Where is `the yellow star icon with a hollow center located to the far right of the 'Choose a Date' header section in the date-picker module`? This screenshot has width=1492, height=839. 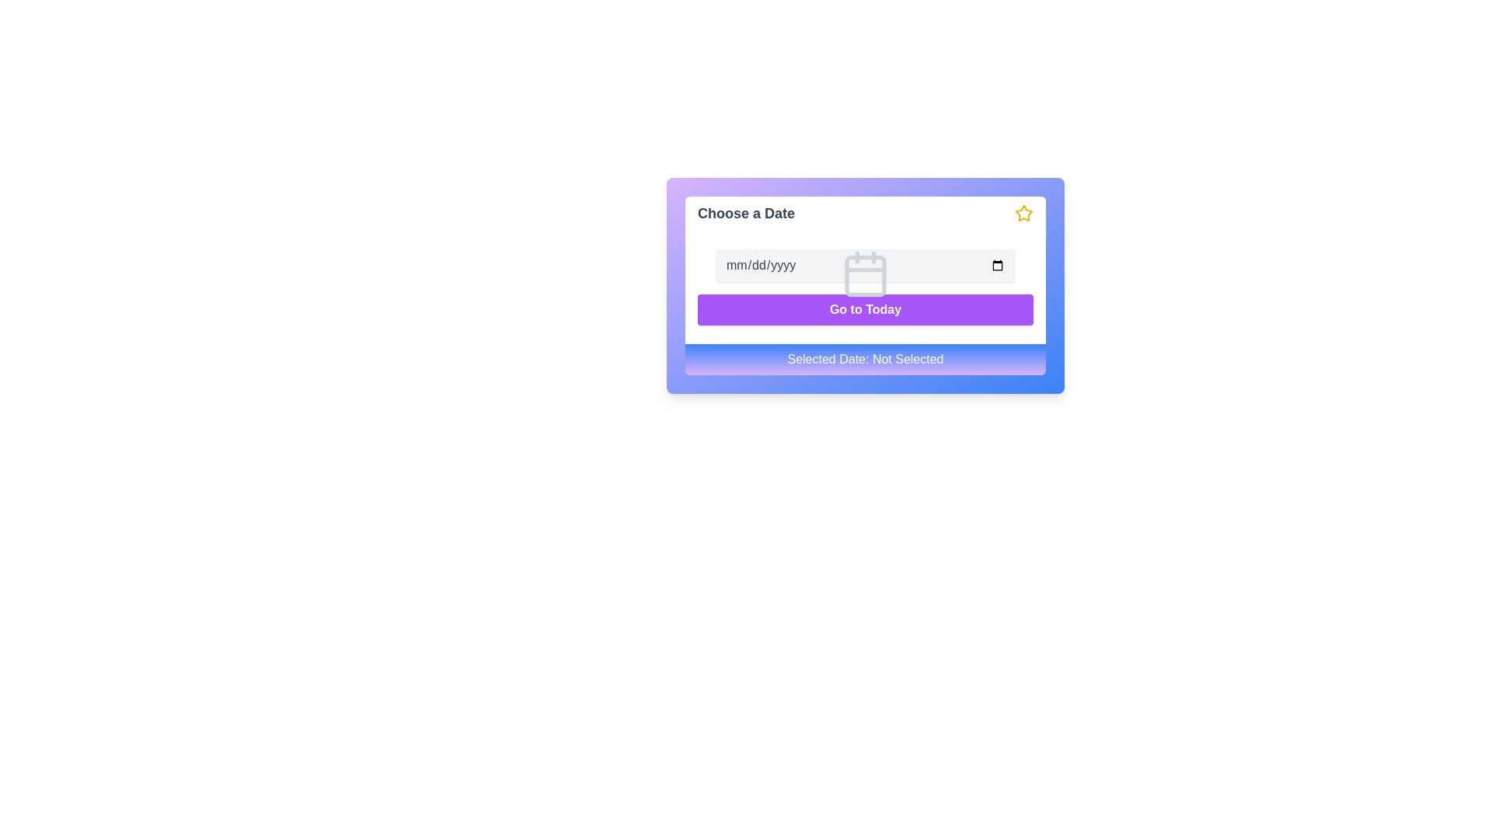
the yellow star icon with a hollow center located to the far right of the 'Choose a Date' header section in the date-picker module is located at coordinates (1024, 213).